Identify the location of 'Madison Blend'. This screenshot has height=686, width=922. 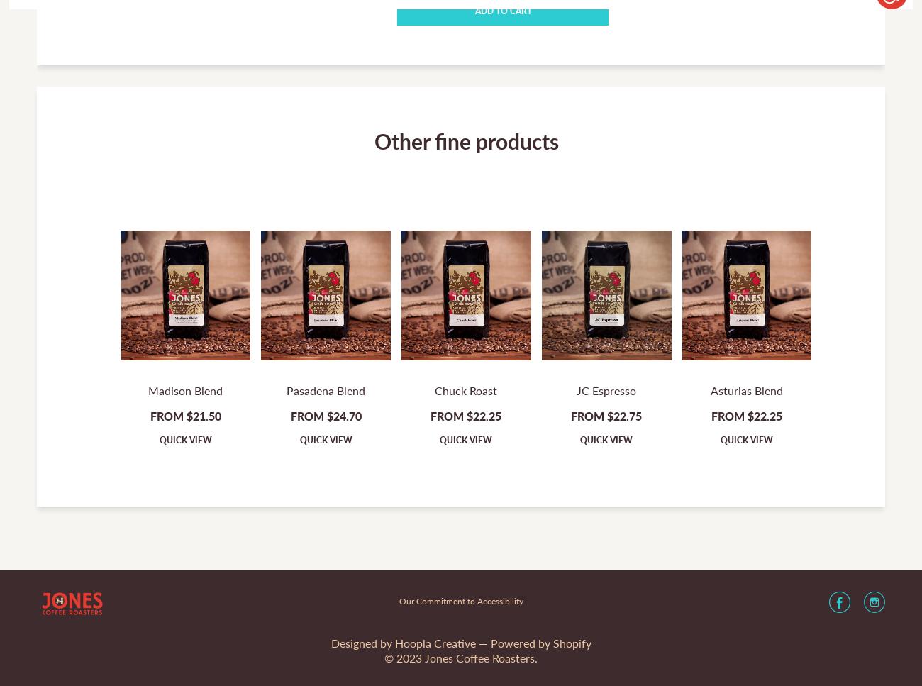
(184, 390).